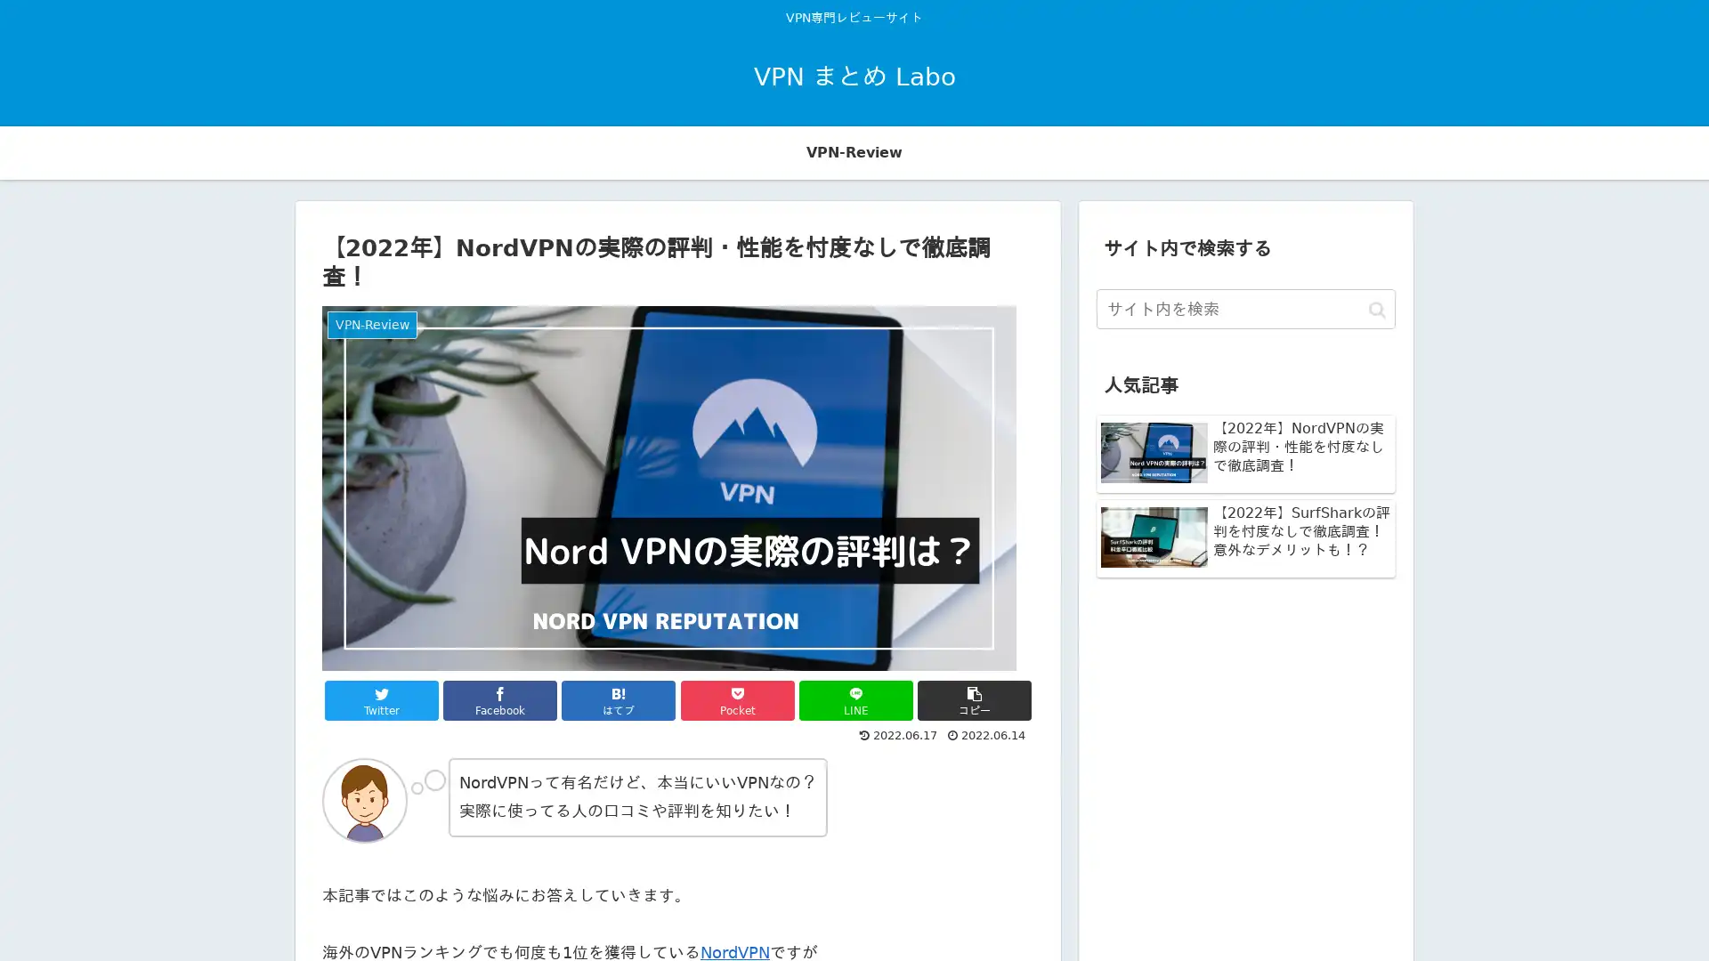 This screenshot has height=961, width=1709. I want to click on button, so click(1376, 308).